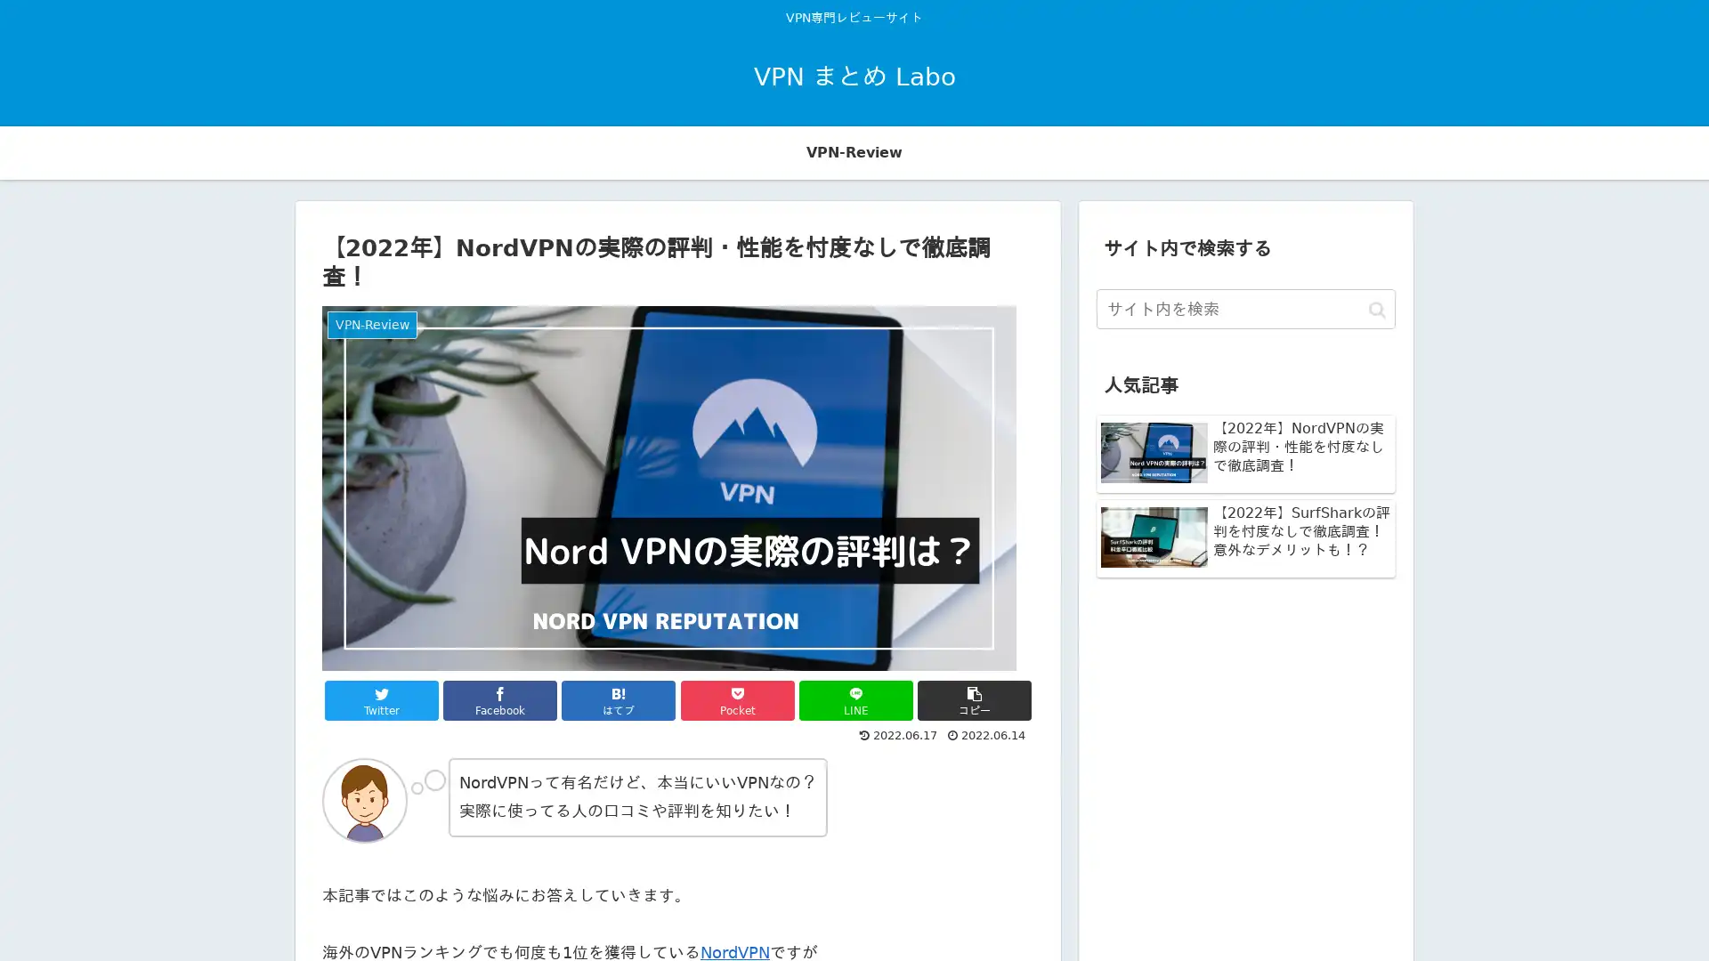 This screenshot has height=961, width=1709. I want to click on button, so click(1376, 308).